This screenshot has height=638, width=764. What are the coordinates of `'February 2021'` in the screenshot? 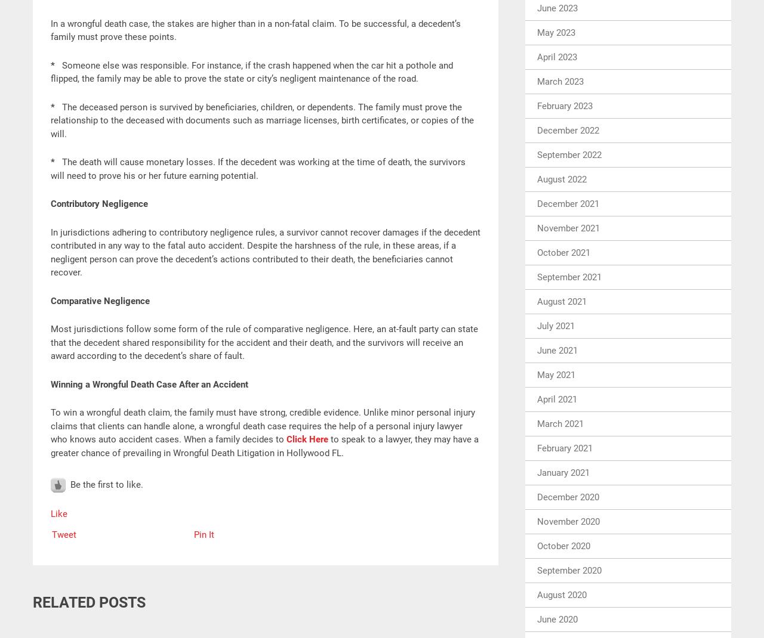 It's located at (564, 447).